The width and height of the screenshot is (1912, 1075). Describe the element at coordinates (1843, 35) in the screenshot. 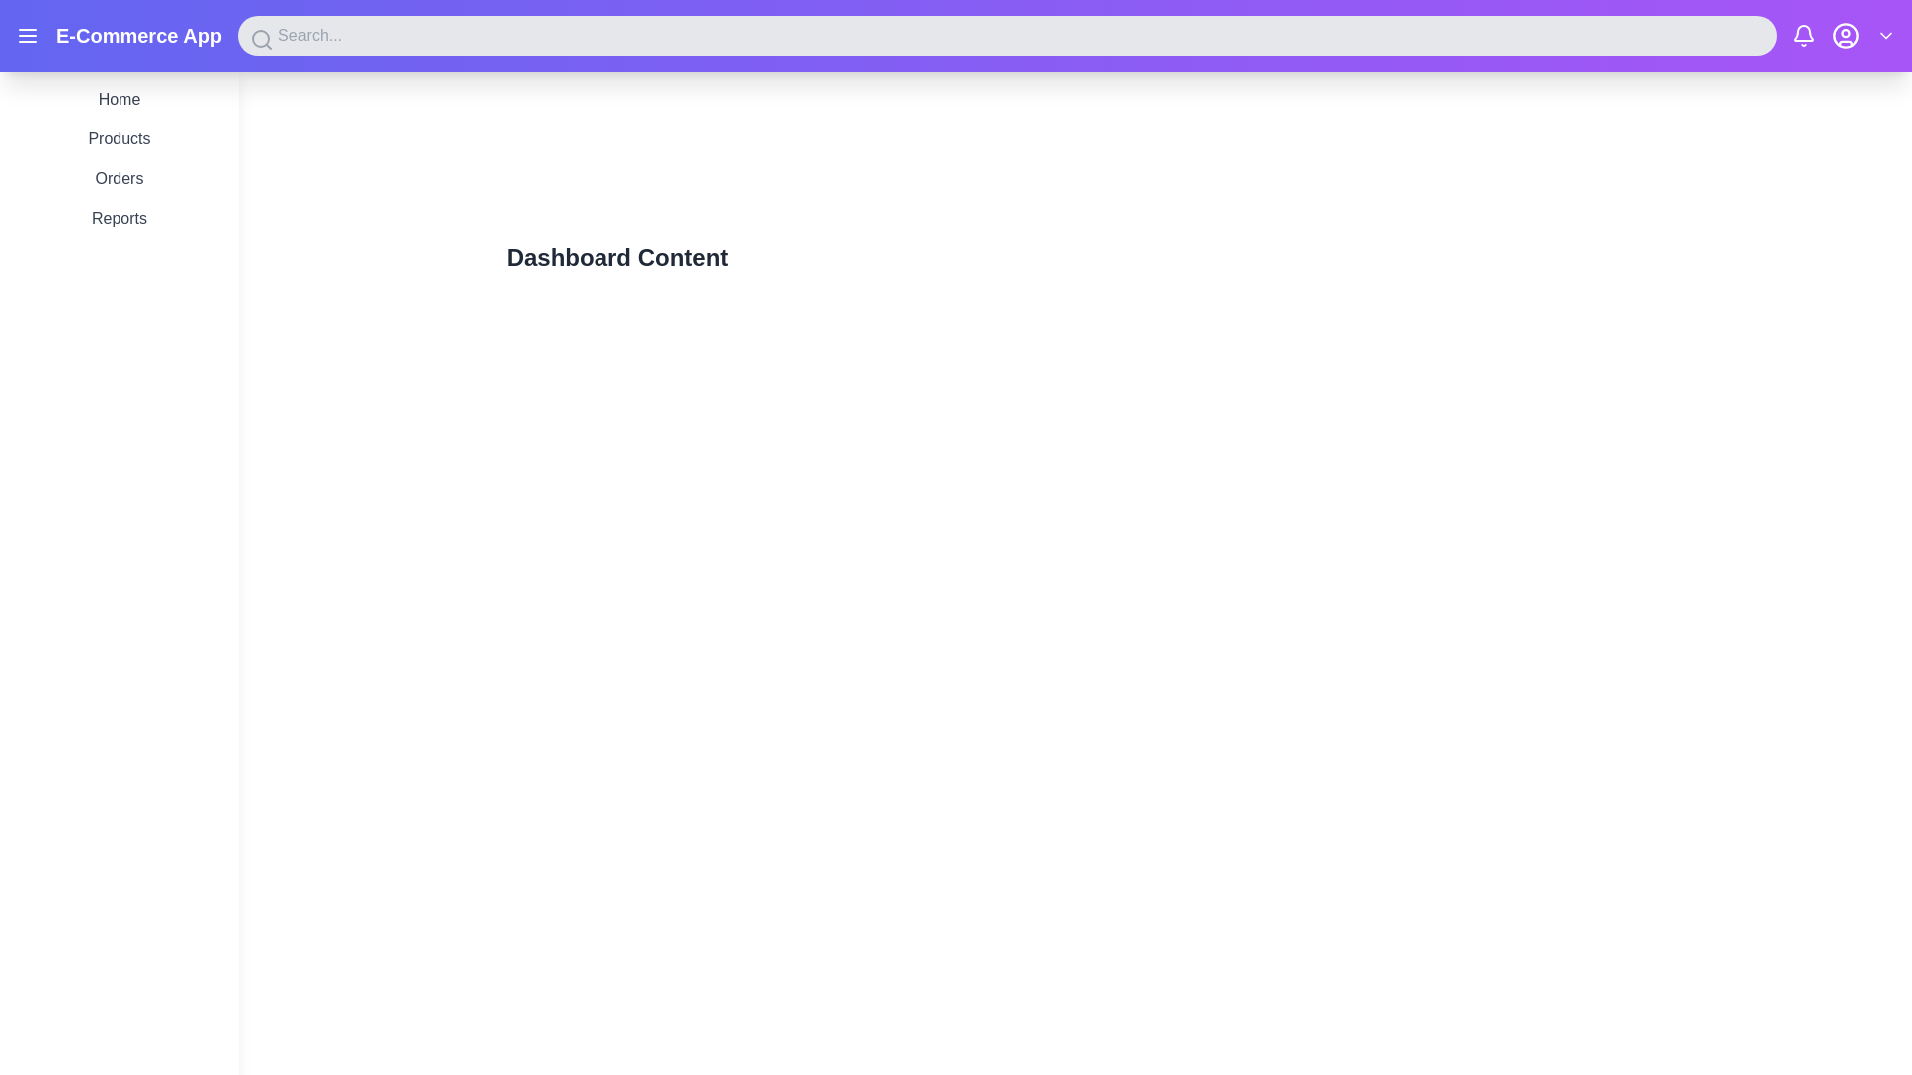

I see `the user profile icon button, which is a circular silhouette of a person in white on a purple background, located in the top-right corner of the interface between the notification bell and dropdown icons` at that location.